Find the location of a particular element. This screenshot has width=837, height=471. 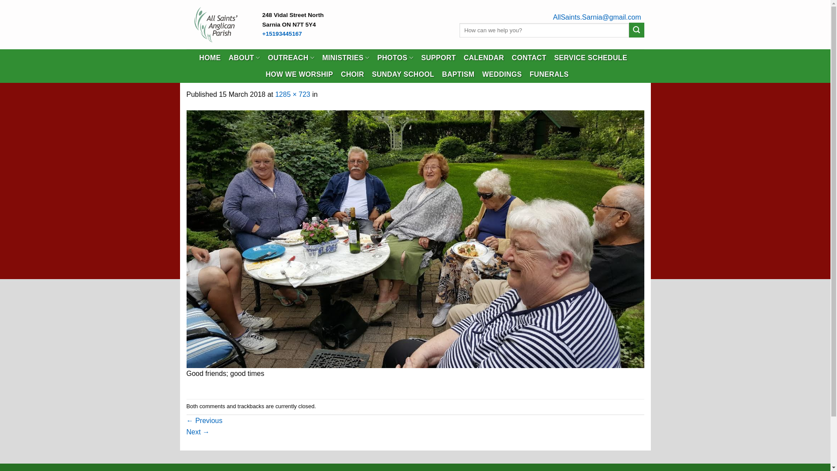

'BAPTISM' is located at coordinates (458, 74).